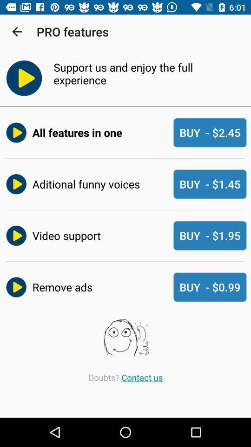 The width and height of the screenshot is (251, 447). What do you see at coordinates (17, 32) in the screenshot?
I see `item next to the pro features item` at bounding box center [17, 32].